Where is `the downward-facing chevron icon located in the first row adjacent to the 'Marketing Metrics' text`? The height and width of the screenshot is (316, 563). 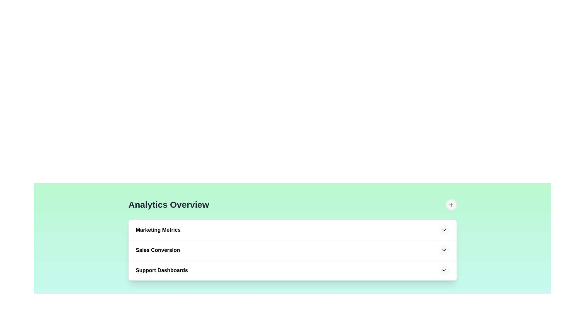 the downward-facing chevron icon located in the first row adjacent to the 'Marketing Metrics' text is located at coordinates (444, 230).